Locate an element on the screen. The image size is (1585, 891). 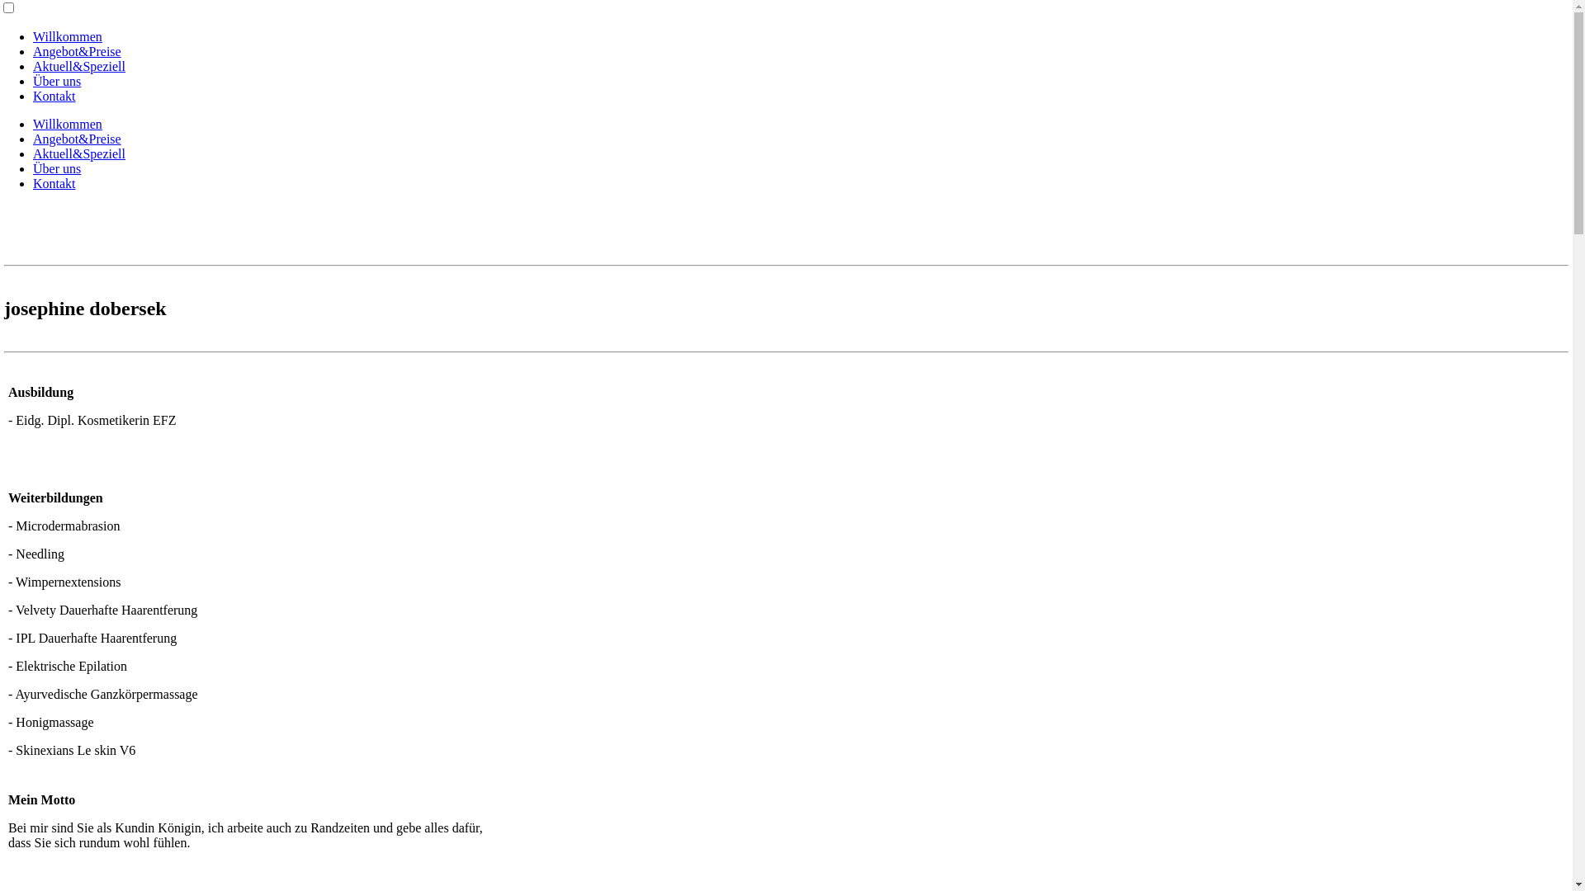
'Kontakt' is located at coordinates (54, 183).